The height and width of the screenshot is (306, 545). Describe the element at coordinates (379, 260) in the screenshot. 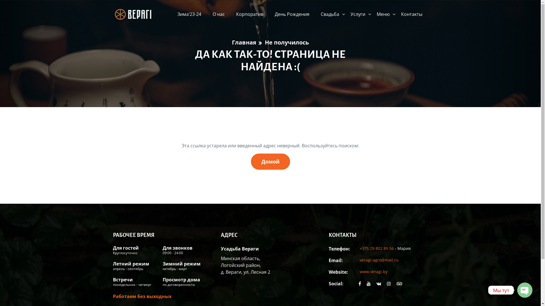

I see `'veragi-agro@mail.ru'` at that location.